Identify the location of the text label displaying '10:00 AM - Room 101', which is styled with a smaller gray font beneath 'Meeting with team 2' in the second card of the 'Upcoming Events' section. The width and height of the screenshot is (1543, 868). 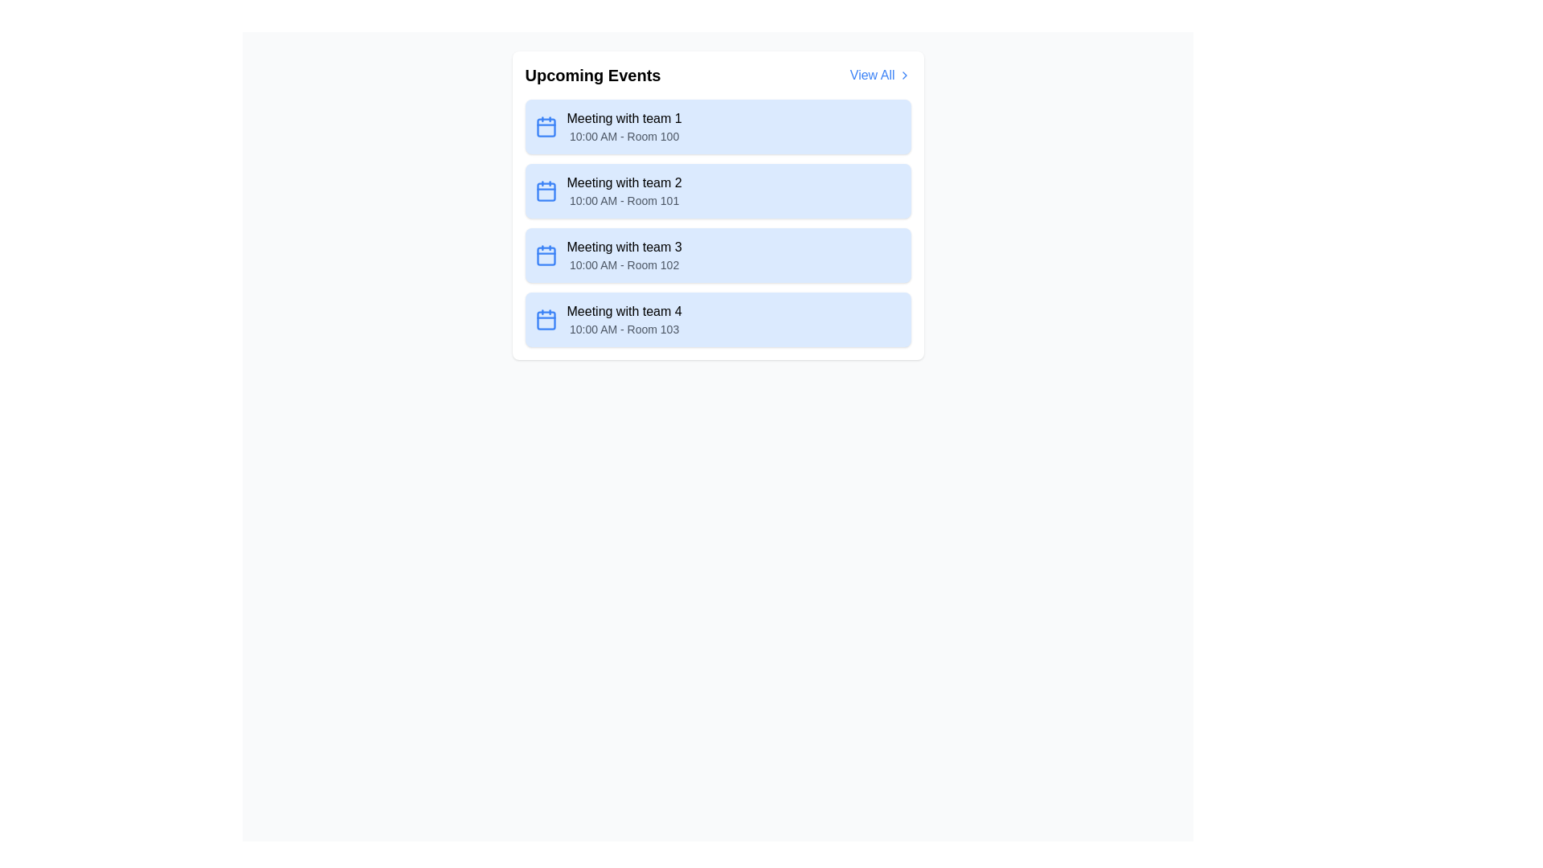
(624, 200).